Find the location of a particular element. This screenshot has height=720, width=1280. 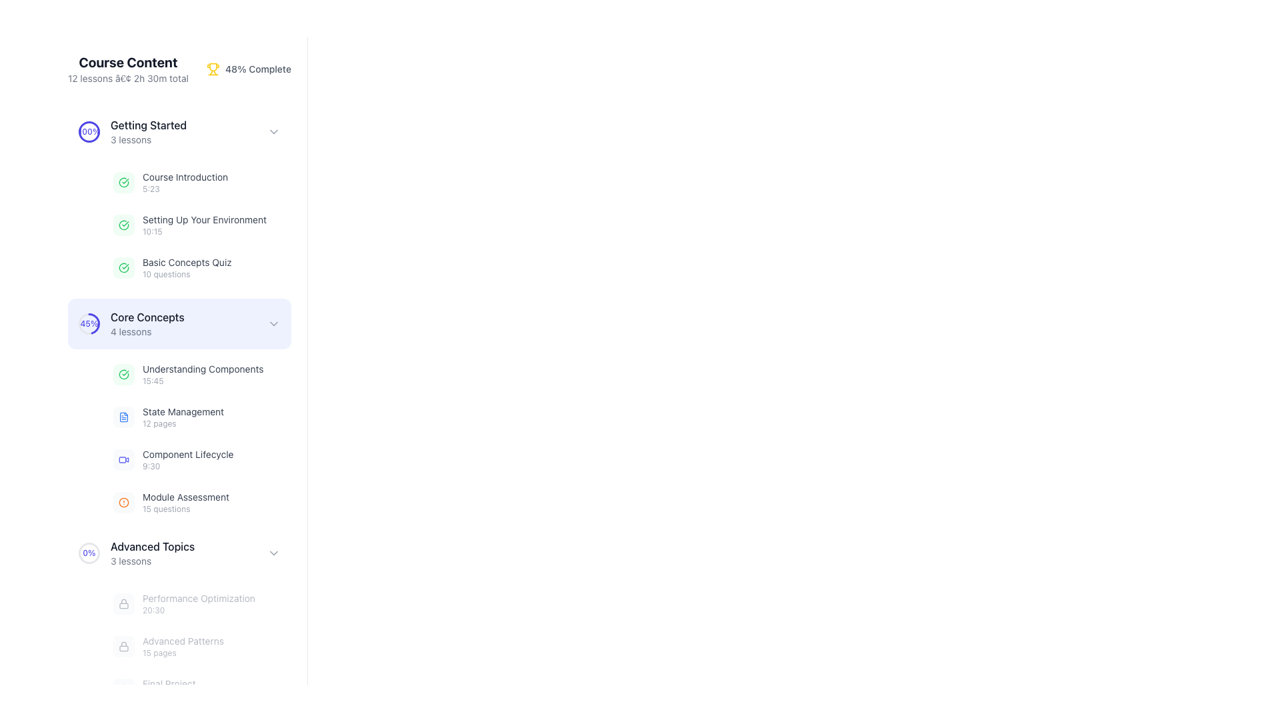

the text display that shows 'Performance Optimization' and '20:30', which is located in the lower part of the 'Advanced Topics' section within the Course Content sidebar is located at coordinates (198, 604).